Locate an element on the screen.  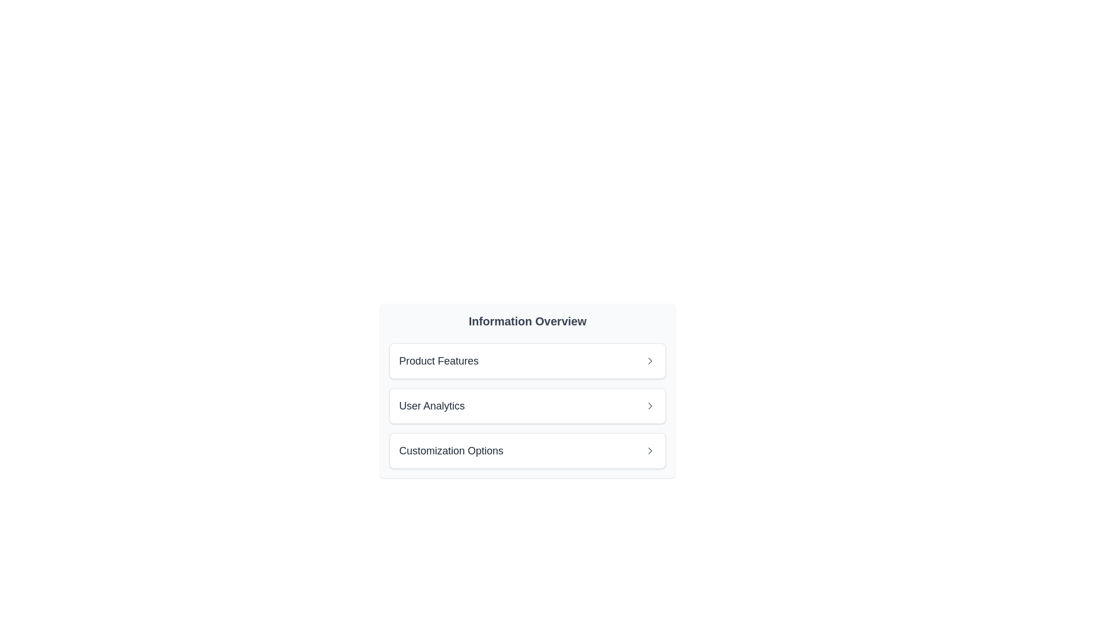
to select the 'User Analytics' option in the vertically stacked list under the 'Information Overview' panel is located at coordinates (527, 405).